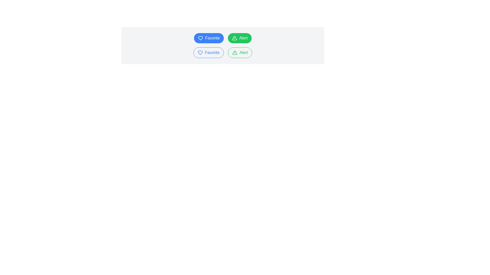  I want to click on the 'Alert' button which contains a triangular icon with an exclamation mark inside, located in the top-right corner of the interface, so click(234, 38).